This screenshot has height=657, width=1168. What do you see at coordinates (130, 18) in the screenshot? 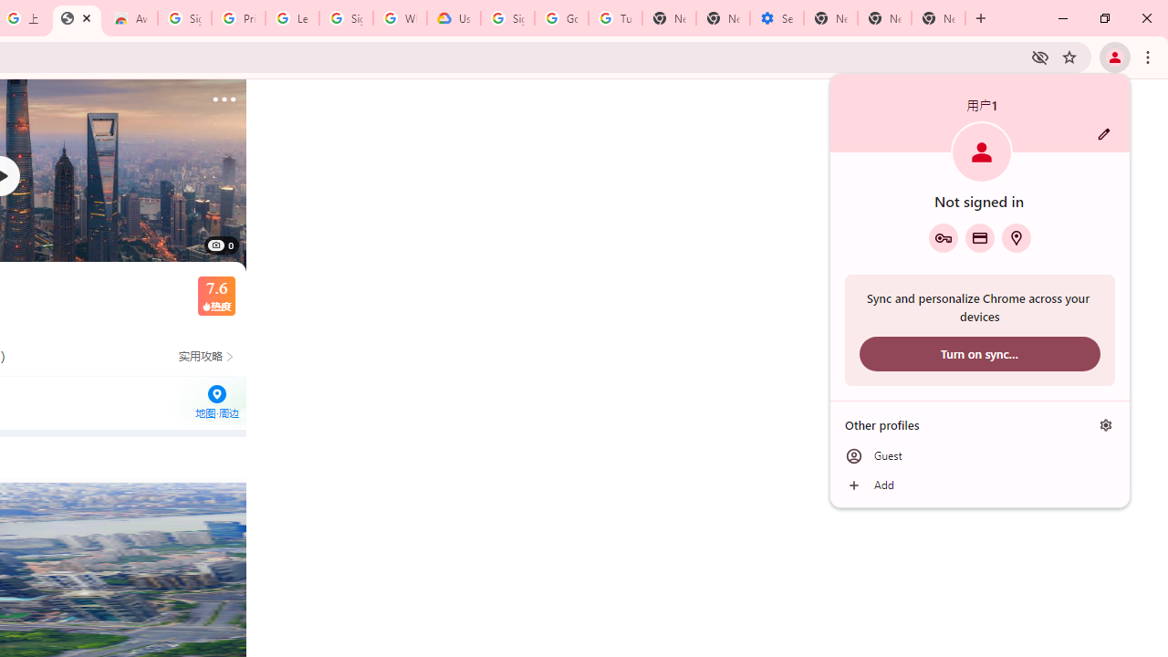
I see `'Awesome Screen Recorder & Screenshot - Chrome Web Store'` at bounding box center [130, 18].